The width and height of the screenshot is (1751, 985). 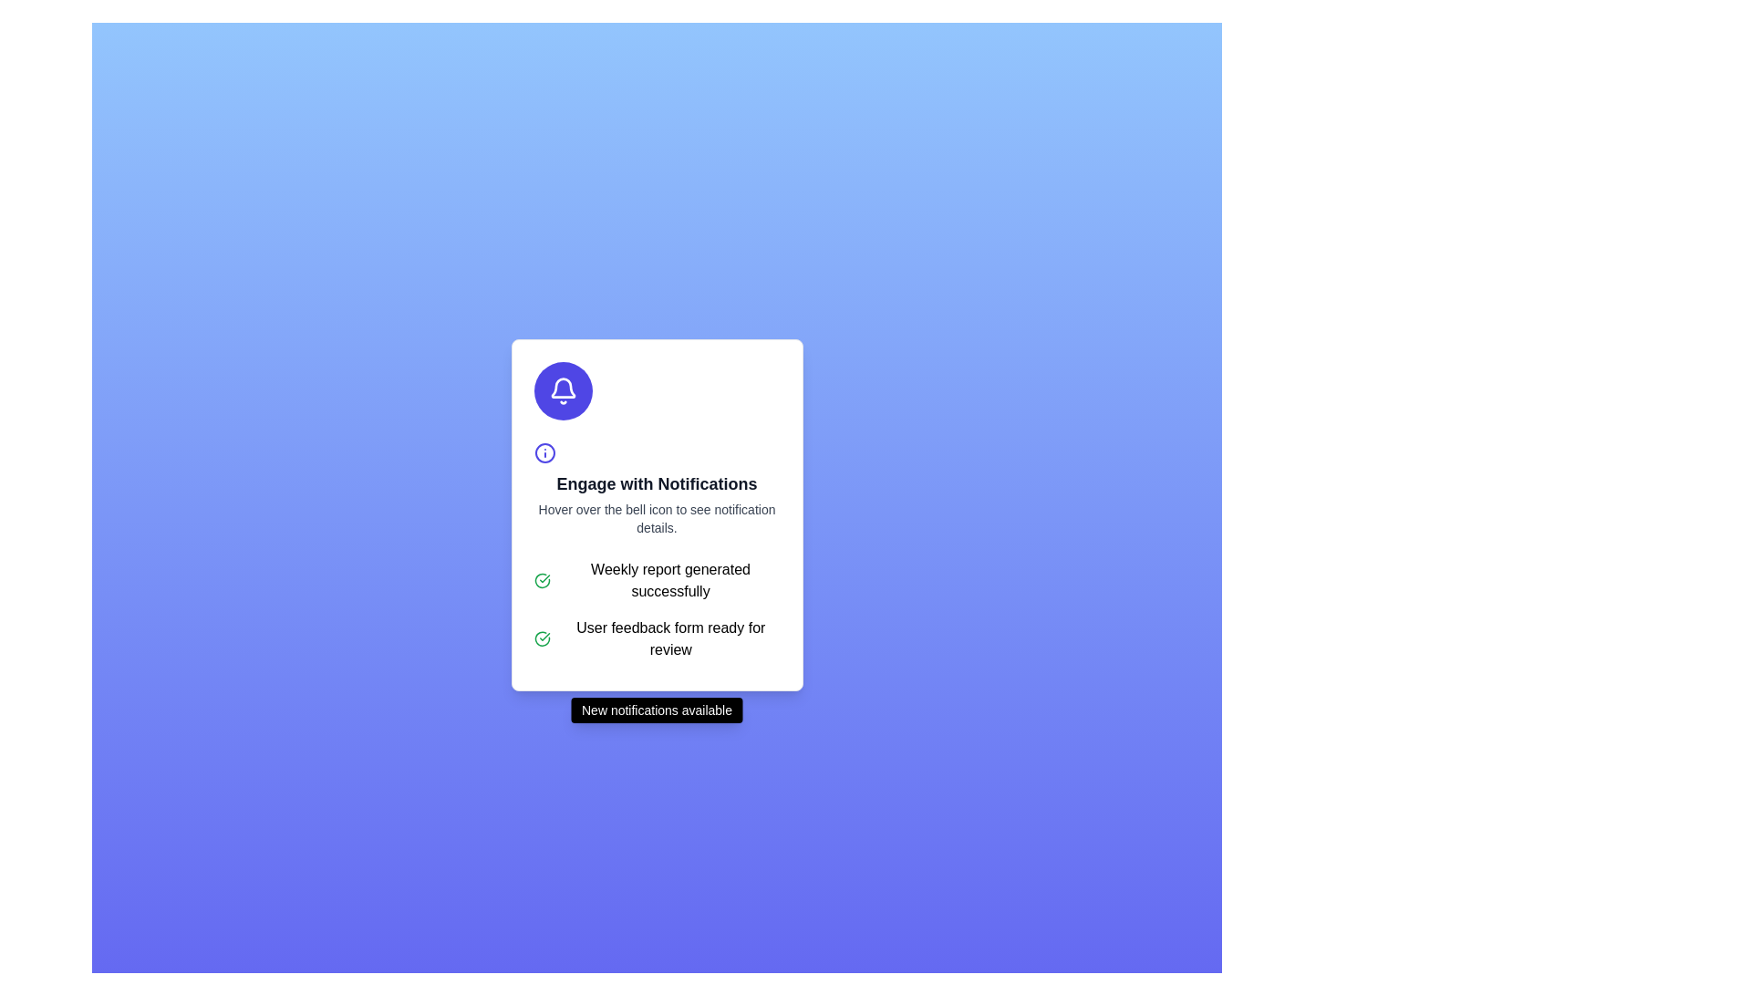 What do you see at coordinates (657, 638) in the screenshot?
I see `notification message indicating that the user feedback form is ready for review, which is the second notification in the list of two items` at bounding box center [657, 638].